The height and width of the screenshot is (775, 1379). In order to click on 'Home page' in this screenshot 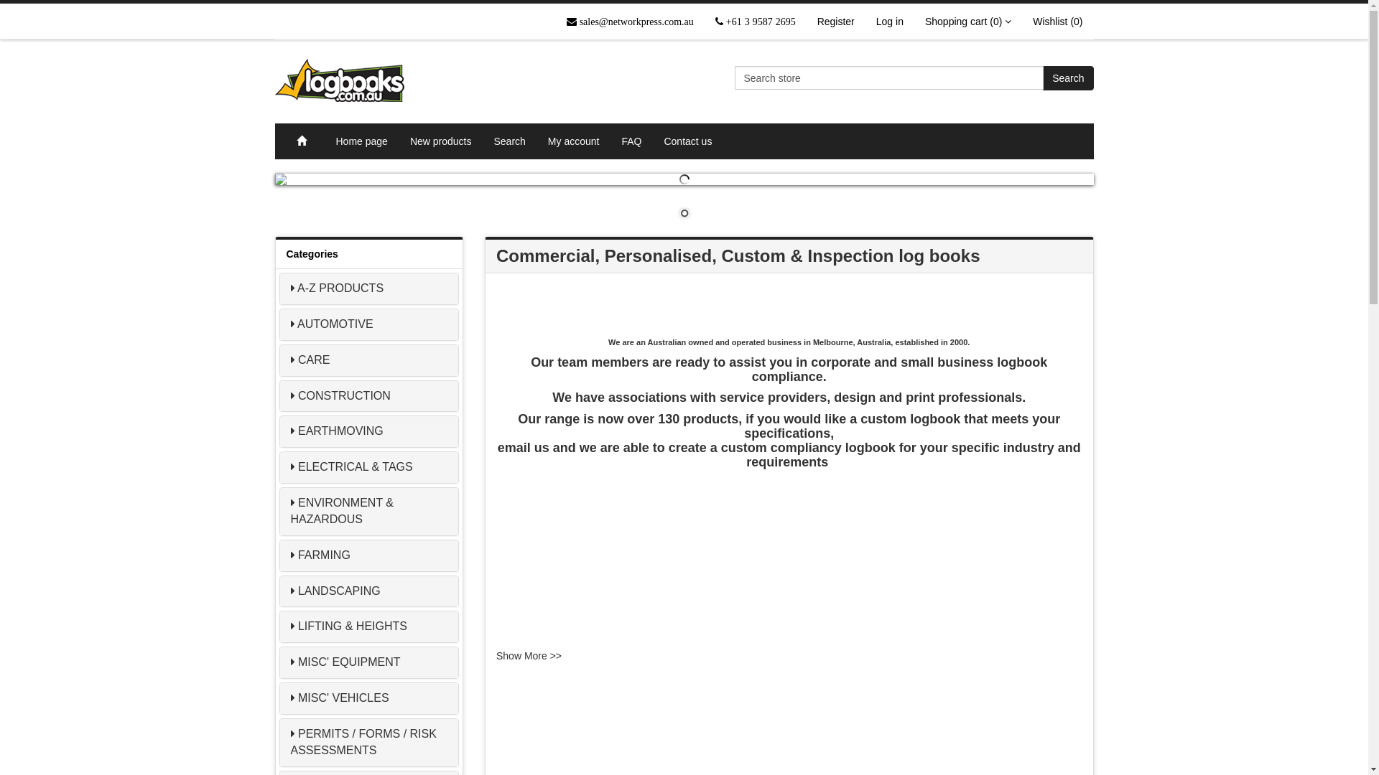, I will do `click(323, 141)`.